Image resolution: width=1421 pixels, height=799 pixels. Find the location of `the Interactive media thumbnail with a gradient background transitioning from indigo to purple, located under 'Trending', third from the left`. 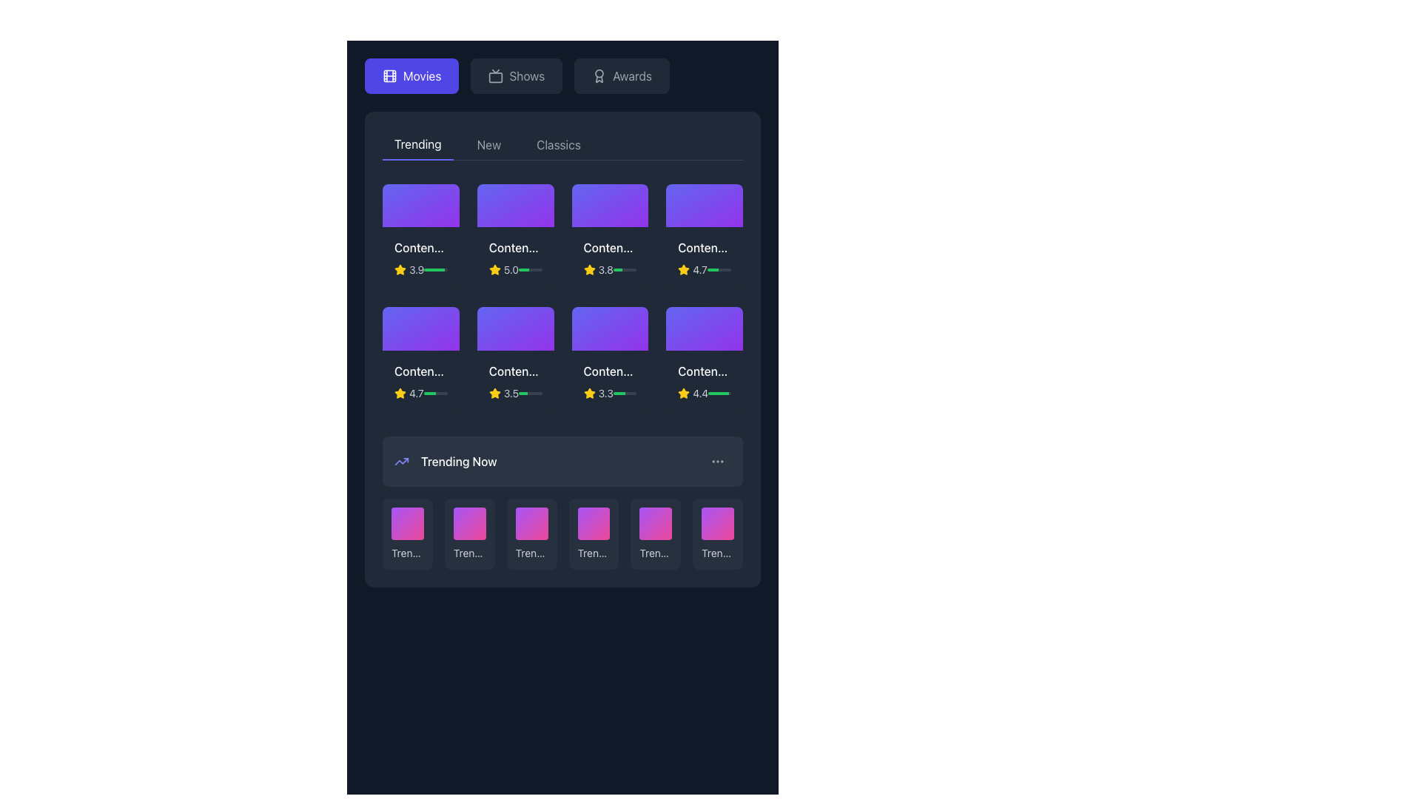

the Interactive media thumbnail with a gradient background transitioning from indigo to purple, located under 'Trending', third from the left is located at coordinates (610, 206).